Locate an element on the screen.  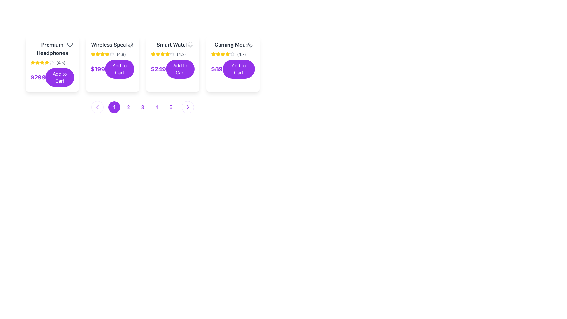
the first yellow star icon in the five-star rating component for the 'Gaming Mouse' product card to interact with the rating system is located at coordinates (218, 54).